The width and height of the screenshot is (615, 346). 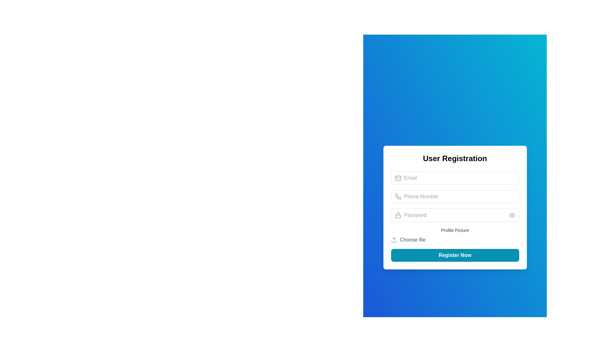 I want to click on the label indicating file selection, which is positioned below the 'Profile Picture' label and above the 'Register Now' button in the user registration form, so click(x=413, y=240).